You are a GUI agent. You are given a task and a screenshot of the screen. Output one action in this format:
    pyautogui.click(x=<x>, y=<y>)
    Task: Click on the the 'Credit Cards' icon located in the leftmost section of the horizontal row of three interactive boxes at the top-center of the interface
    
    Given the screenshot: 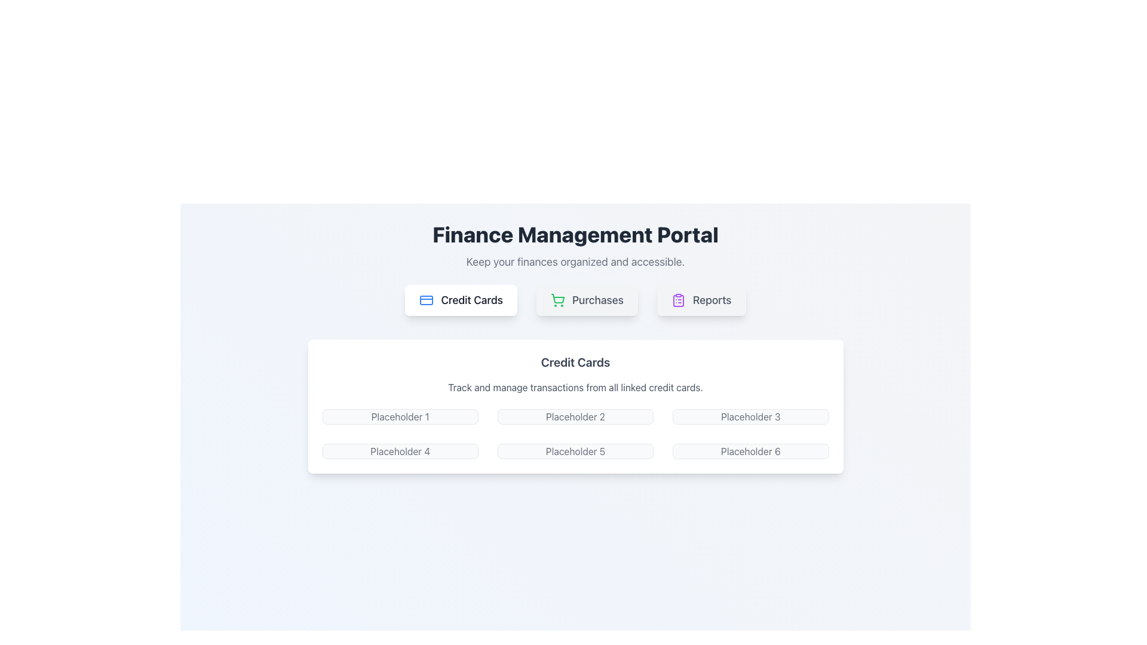 What is the action you would take?
    pyautogui.click(x=427, y=299)
    